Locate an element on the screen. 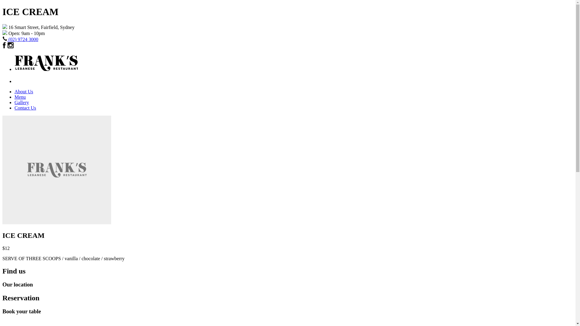  '(02) 9724 3000' is located at coordinates (23, 39).